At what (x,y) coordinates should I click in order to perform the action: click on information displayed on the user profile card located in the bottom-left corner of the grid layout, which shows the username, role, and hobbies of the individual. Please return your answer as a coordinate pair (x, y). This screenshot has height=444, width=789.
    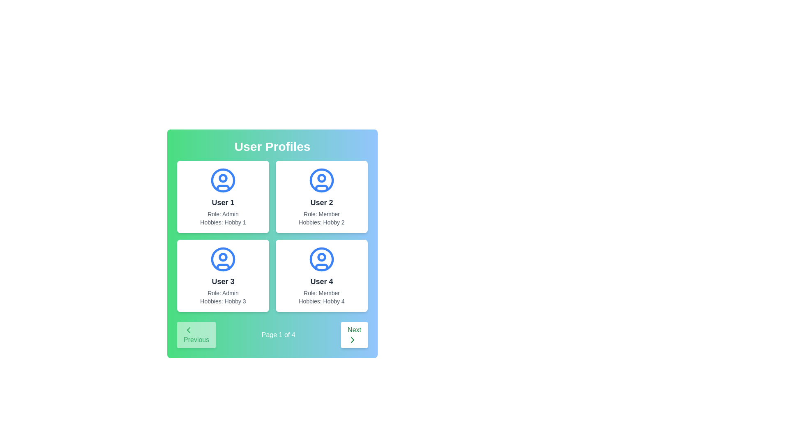
    Looking at the image, I should click on (223, 276).